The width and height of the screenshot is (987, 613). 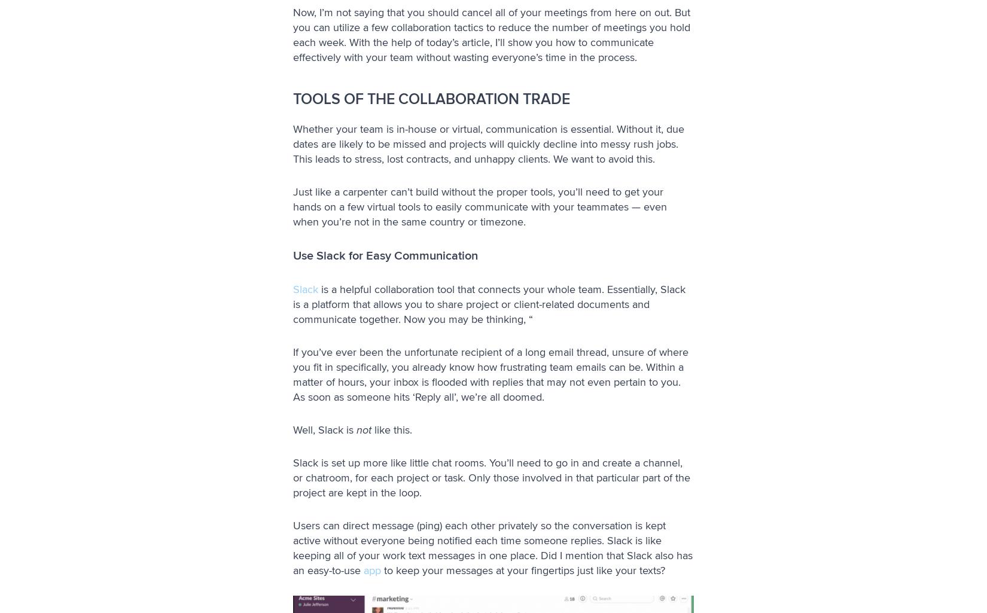 What do you see at coordinates (488, 142) in the screenshot?
I see `'Whether your team is in-house or virtual, communication is essential. Without it, due dates are likely to be missed and projects will quickly decline into messy rush jobs. This leads to stress, lost contracts, and unhappy clients. We want to avoid this.'` at bounding box center [488, 142].